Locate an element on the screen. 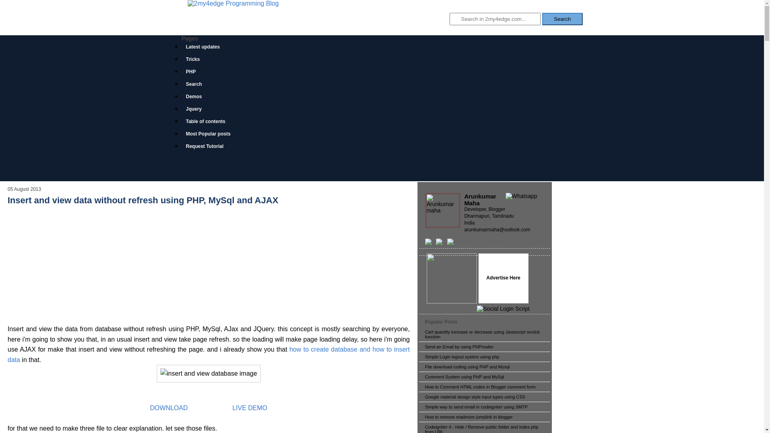 Image resolution: width=770 pixels, height=433 pixels. 'How to Comment HTML codes in Blogger comment form' is located at coordinates (480, 386).